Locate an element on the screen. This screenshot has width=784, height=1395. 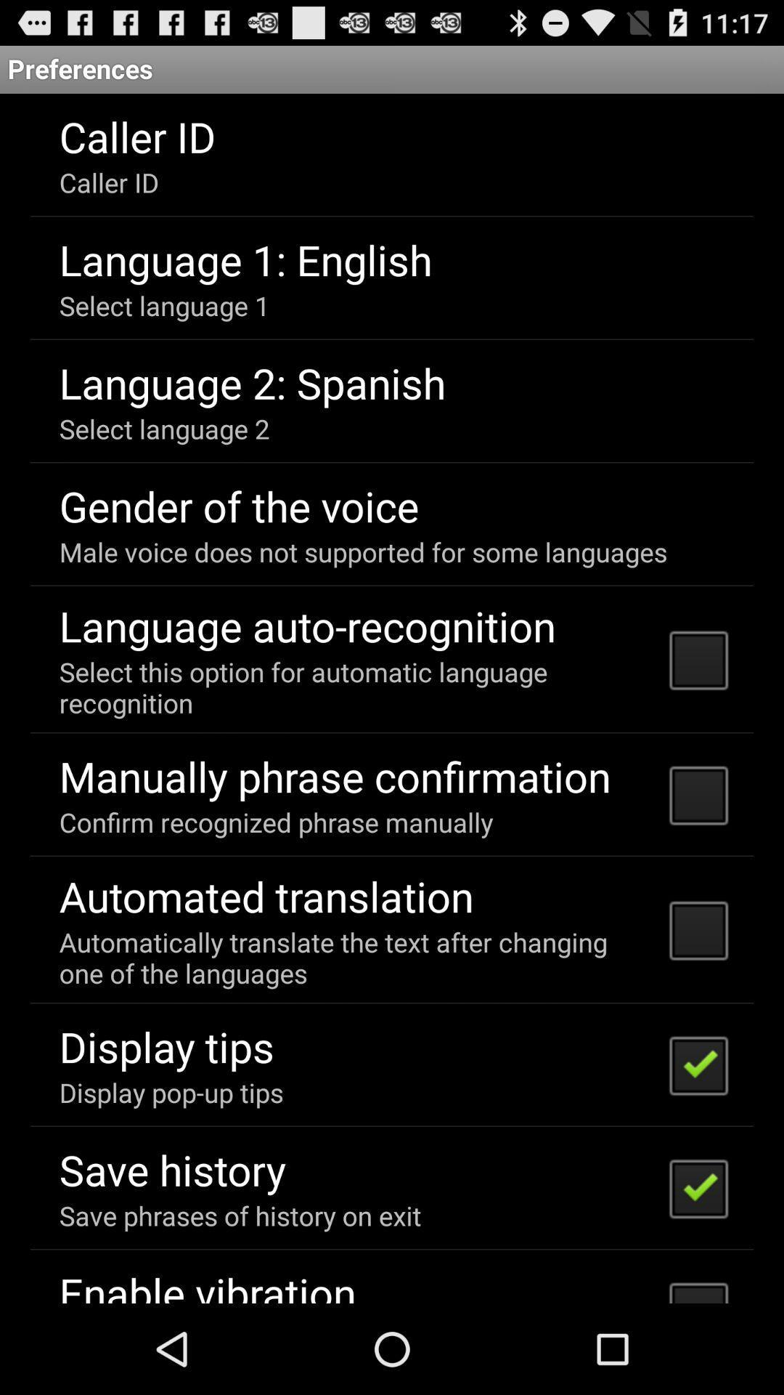
the display pop up is located at coordinates (171, 1092).